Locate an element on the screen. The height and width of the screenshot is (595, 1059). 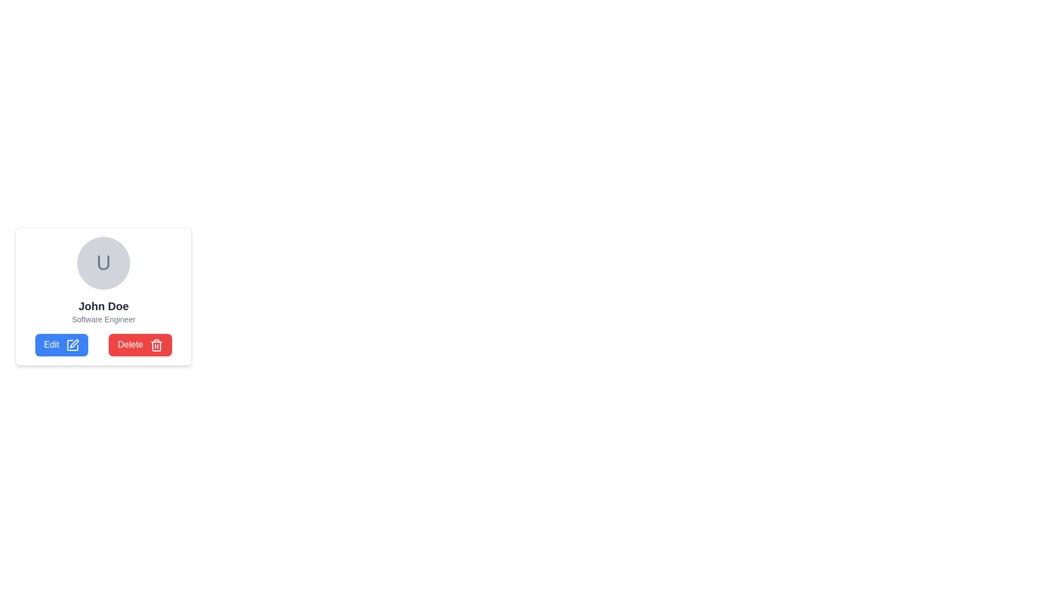
the delete button in the horizontal option group located at the bottom of the card-like UI component beneath 'John Doe' and 'Software Engineer' is located at coordinates (103, 344).